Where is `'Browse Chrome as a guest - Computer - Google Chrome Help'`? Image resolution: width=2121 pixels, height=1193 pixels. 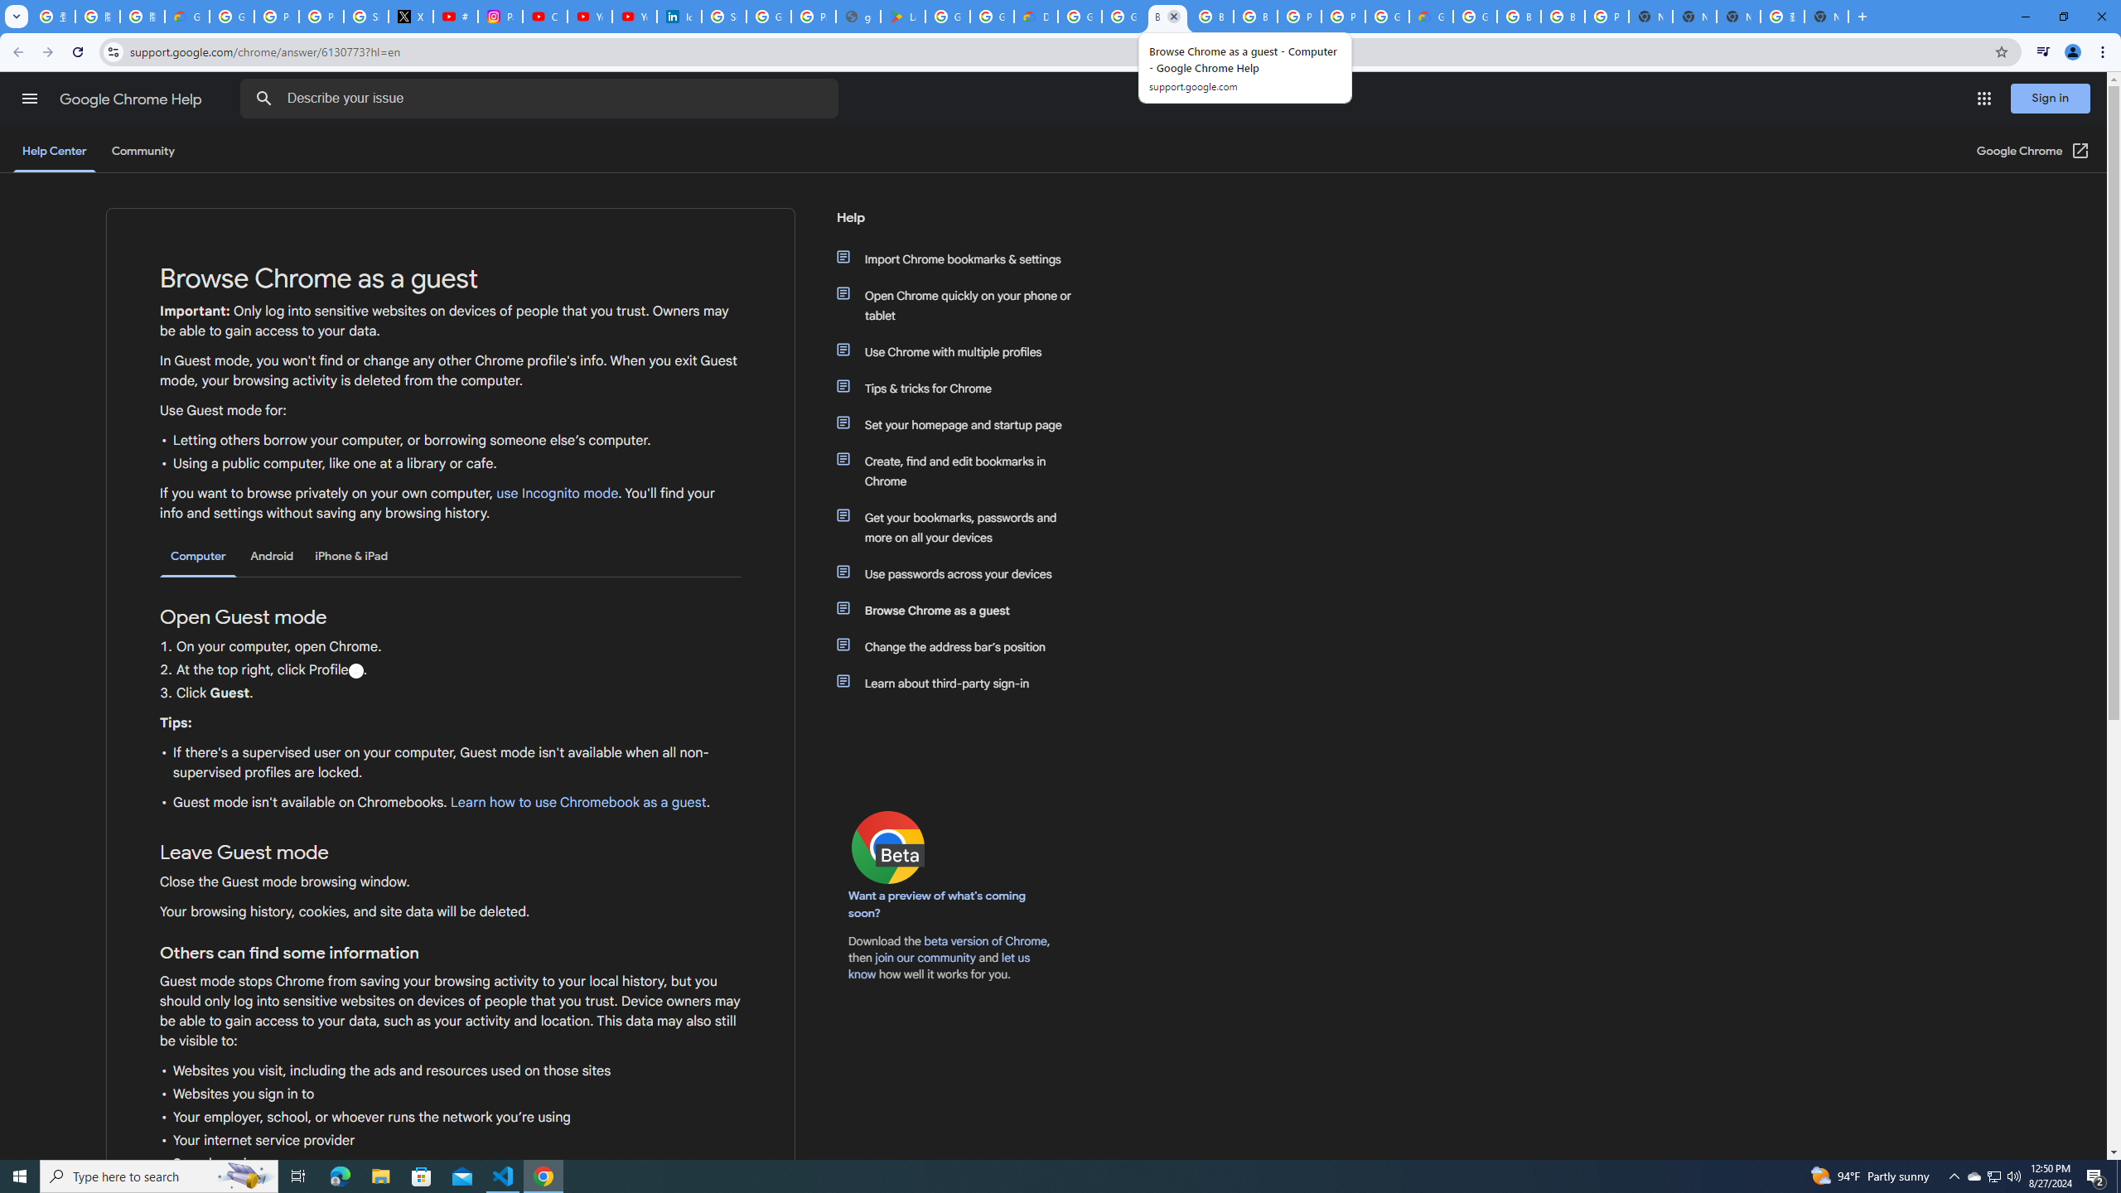
'Browse Chrome as a guest - Computer - Google Chrome Help' is located at coordinates (1167, 16).